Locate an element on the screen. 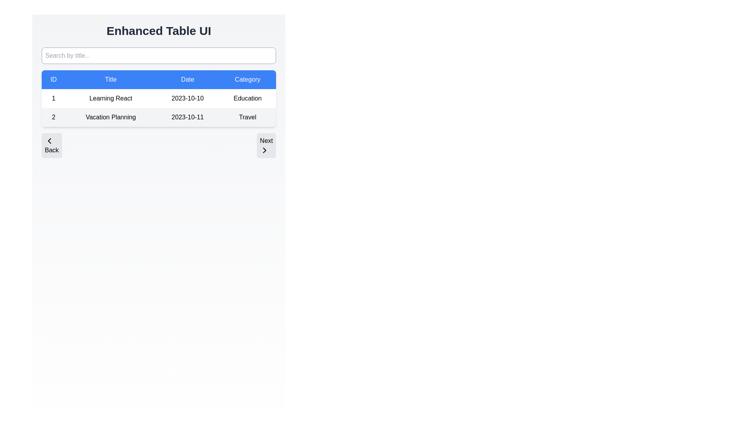 Image resolution: width=755 pixels, height=424 pixels. the left-facing chevron icon that is part of the 'Back' button located in the lower left portion of the page is located at coordinates (49, 140).